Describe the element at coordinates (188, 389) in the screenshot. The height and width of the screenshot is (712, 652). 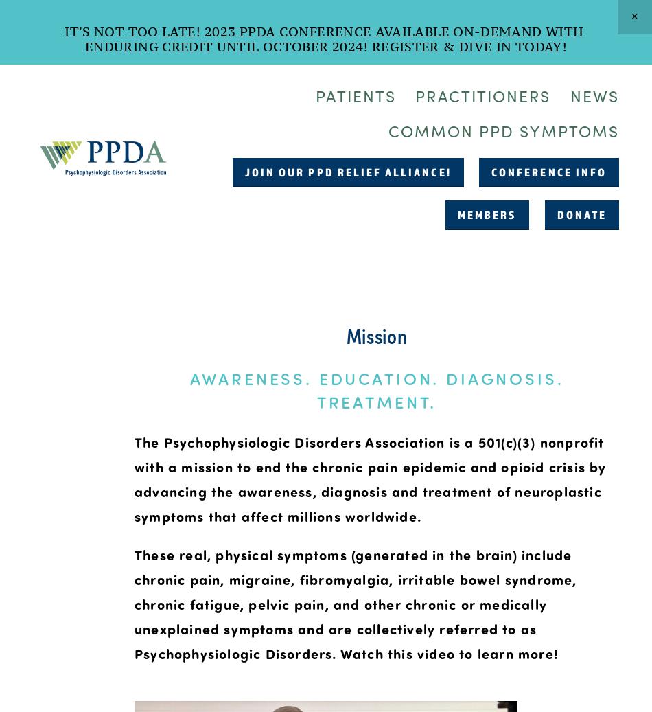
I see `'awareness. education. diagnosis. treatment.'` at that location.